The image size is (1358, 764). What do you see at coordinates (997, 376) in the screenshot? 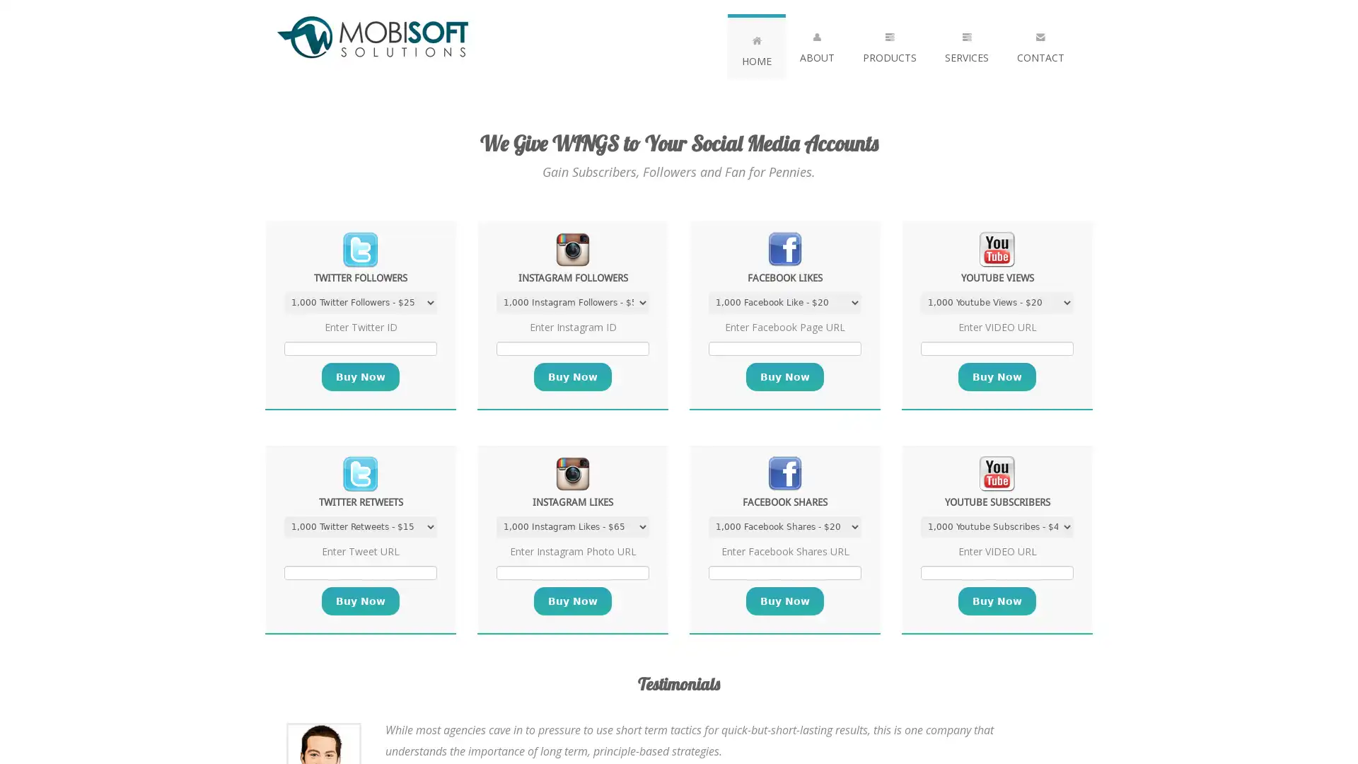
I see `Buy Now` at bounding box center [997, 376].